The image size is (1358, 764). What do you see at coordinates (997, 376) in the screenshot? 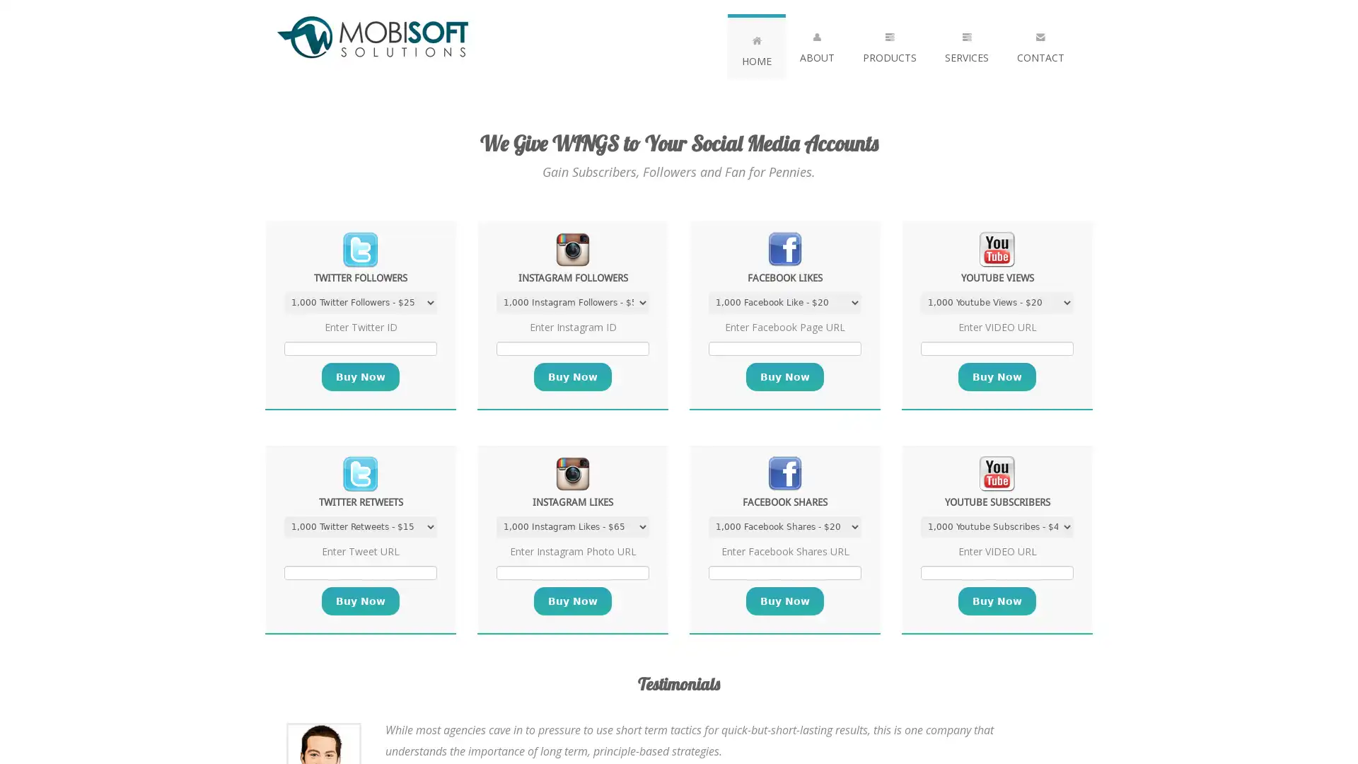
I see `Buy Now` at bounding box center [997, 376].